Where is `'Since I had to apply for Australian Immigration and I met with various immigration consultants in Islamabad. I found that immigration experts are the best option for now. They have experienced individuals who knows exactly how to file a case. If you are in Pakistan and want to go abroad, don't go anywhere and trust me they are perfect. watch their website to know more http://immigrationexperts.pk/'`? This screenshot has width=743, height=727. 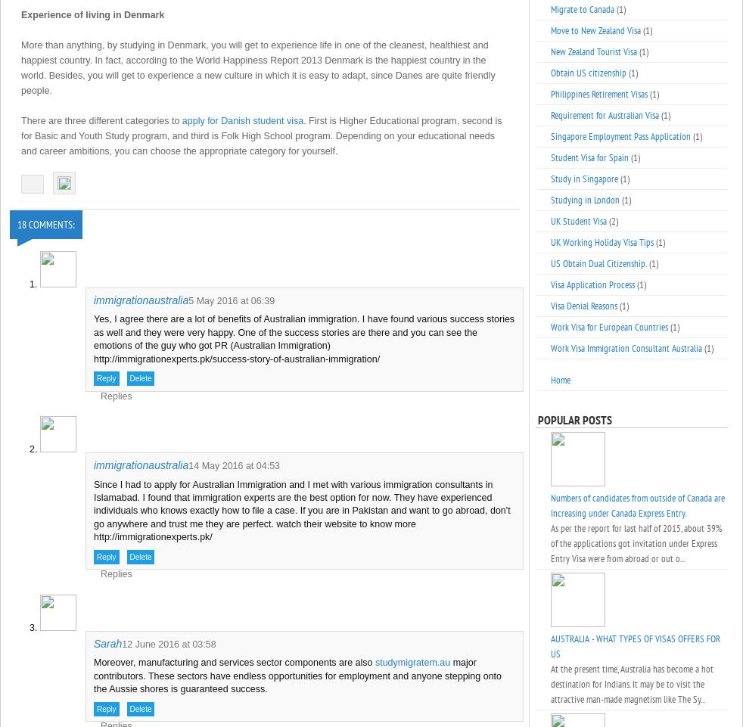
'Since I had to apply for Australian Immigration and I met with various immigration consultants in Islamabad. I found that immigration experts are the best option for now. They have experienced individuals who knows exactly how to file a case. If you are in Pakistan and want to go abroad, don't go anywhere and trust me they are perfect. watch their website to know more http://immigrationexperts.pk/' is located at coordinates (301, 510).